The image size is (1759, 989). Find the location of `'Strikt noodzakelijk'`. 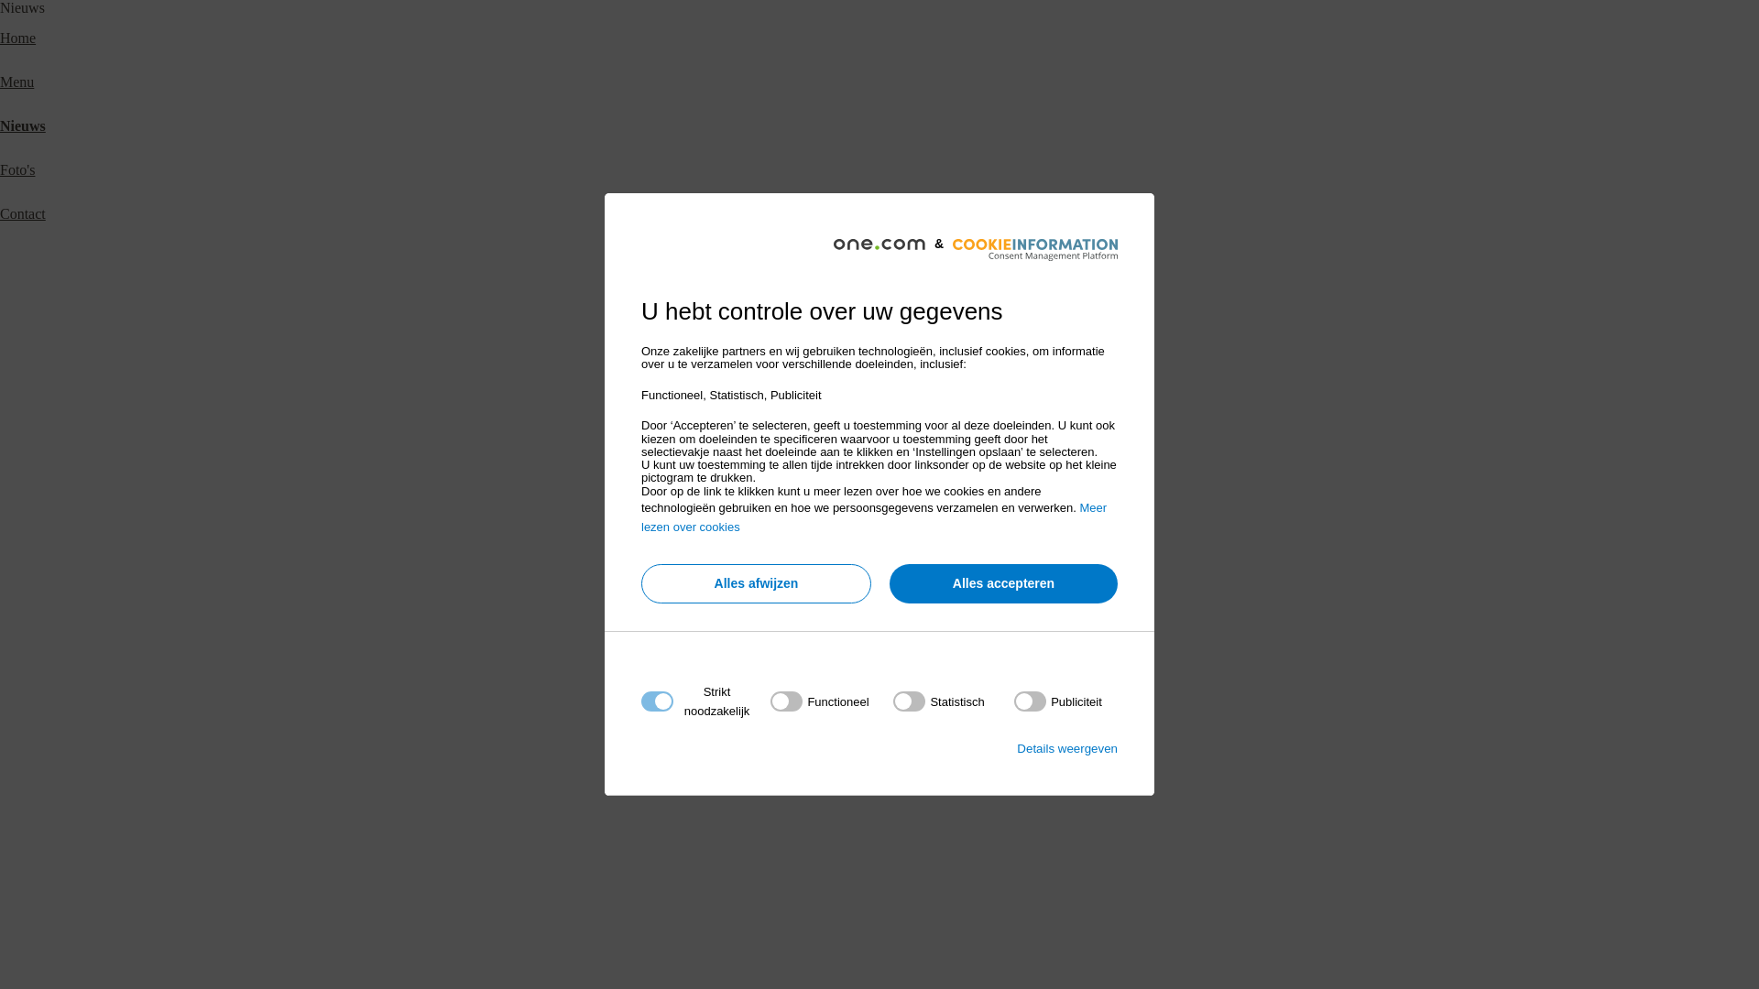

'Strikt noodzakelijk' is located at coordinates (873, 812).